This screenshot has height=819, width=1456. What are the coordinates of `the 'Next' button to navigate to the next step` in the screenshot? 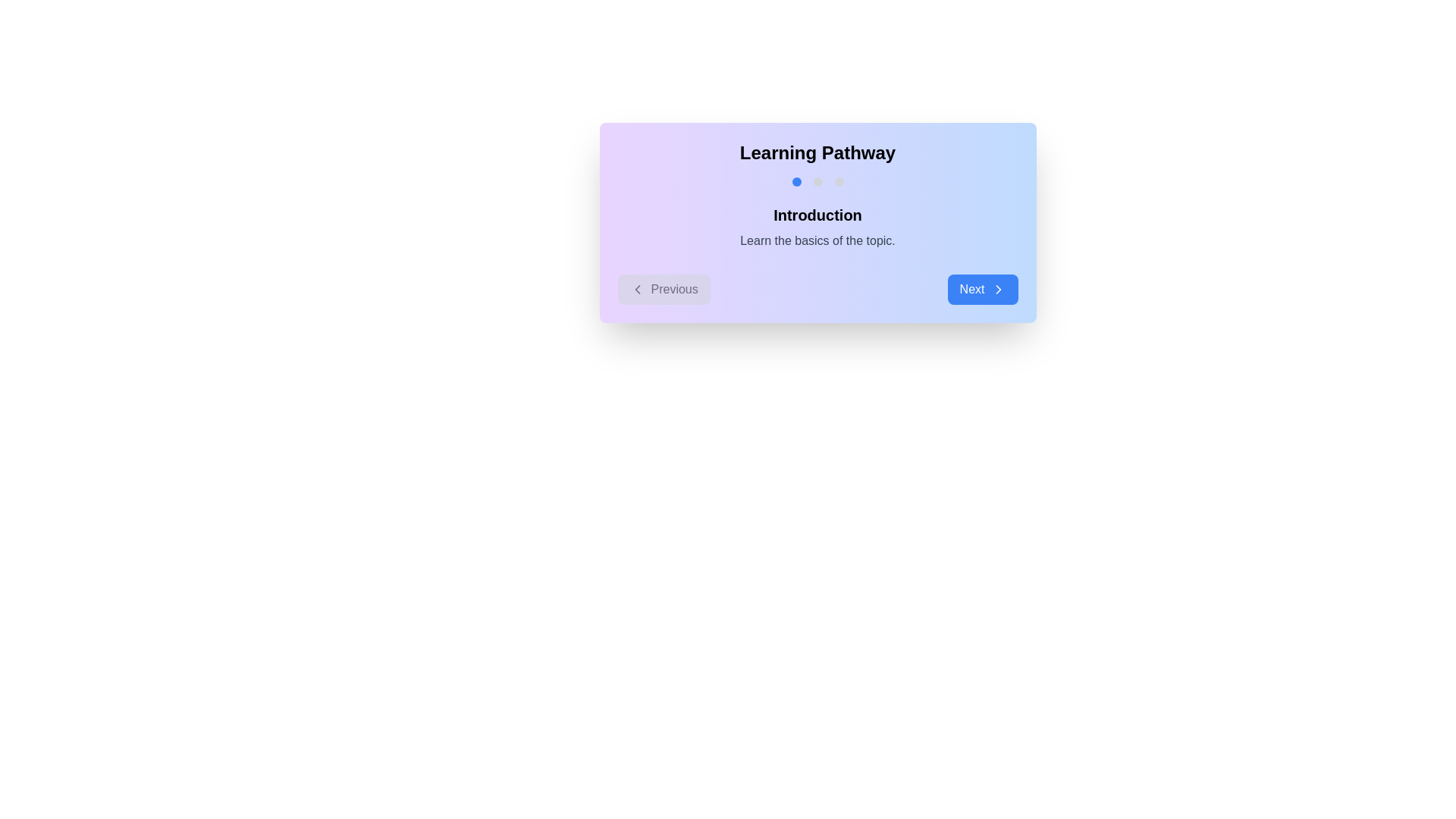 It's located at (983, 289).